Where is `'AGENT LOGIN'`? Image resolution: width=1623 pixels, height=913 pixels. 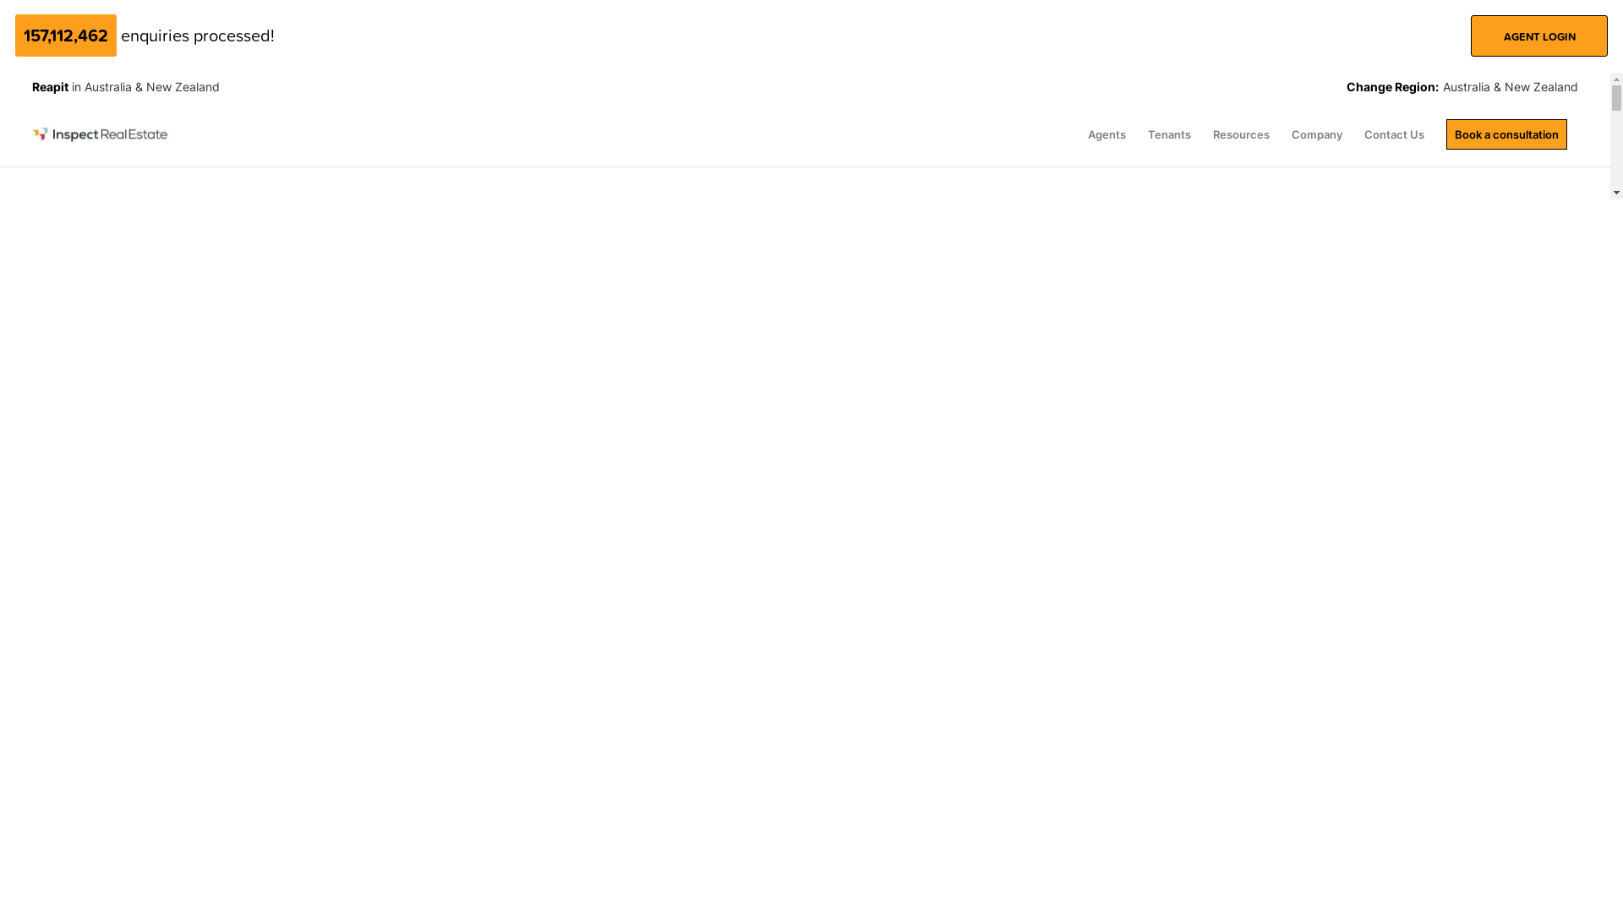
'AGENT LOGIN' is located at coordinates (1469, 36).